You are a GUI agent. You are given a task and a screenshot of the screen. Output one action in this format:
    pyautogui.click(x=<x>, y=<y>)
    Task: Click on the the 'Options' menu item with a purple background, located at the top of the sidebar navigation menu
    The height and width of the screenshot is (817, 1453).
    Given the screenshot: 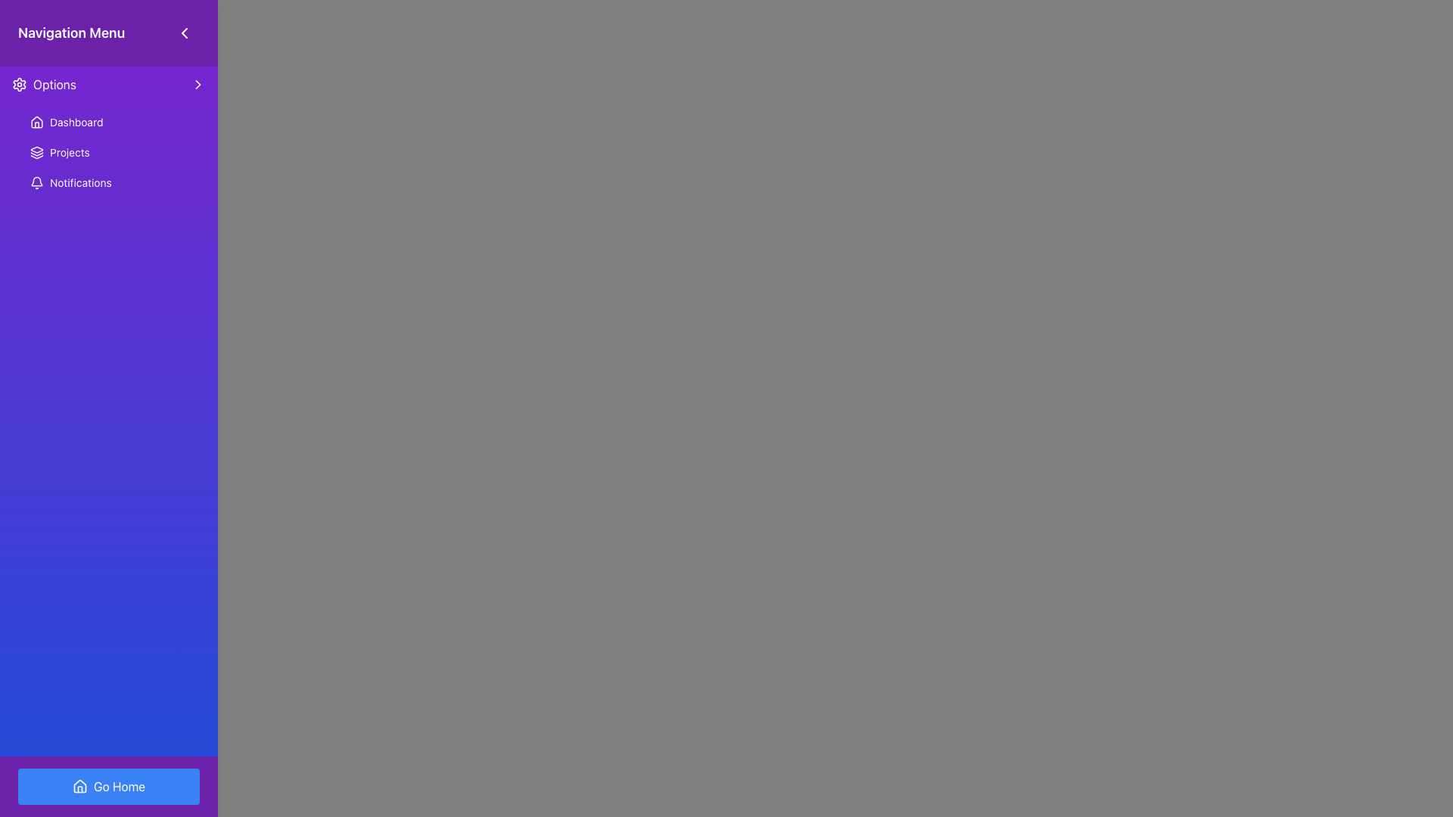 What is the action you would take?
    pyautogui.click(x=108, y=84)
    